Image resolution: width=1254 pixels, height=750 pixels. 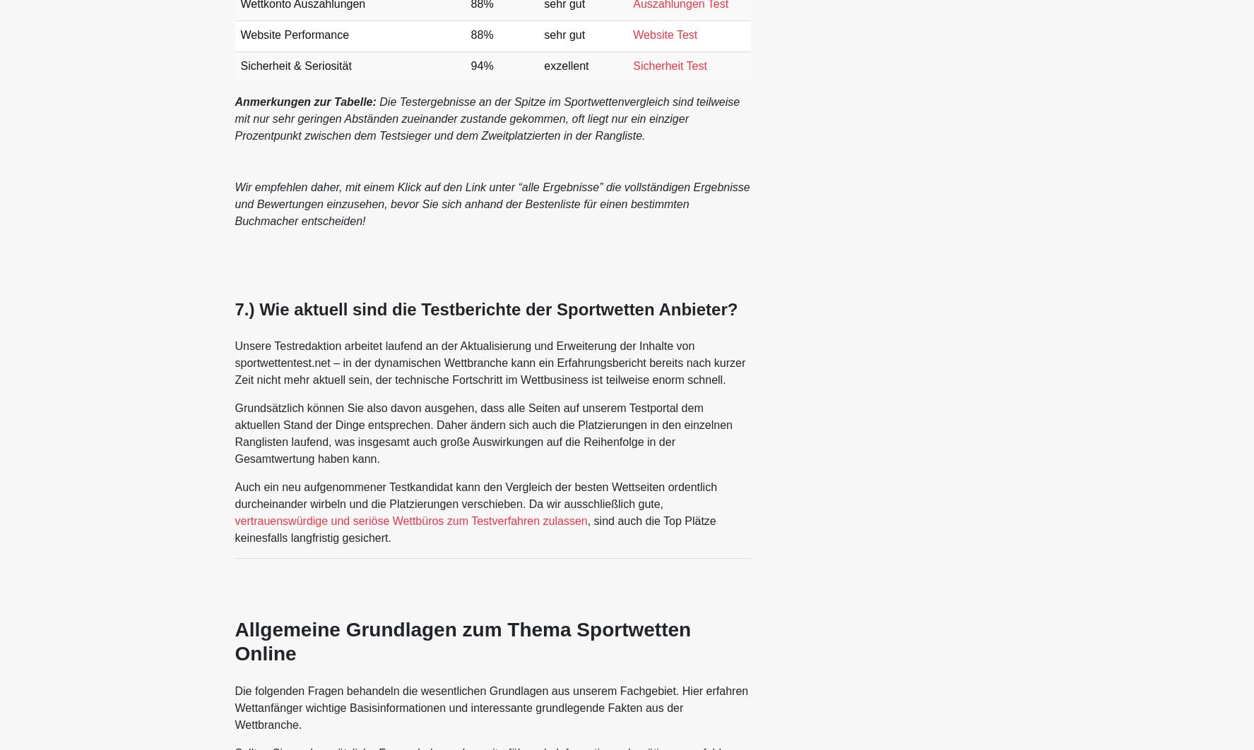 What do you see at coordinates (564, 35) in the screenshot?
I see `'sehr gut'` at bounding box center [564, 35].